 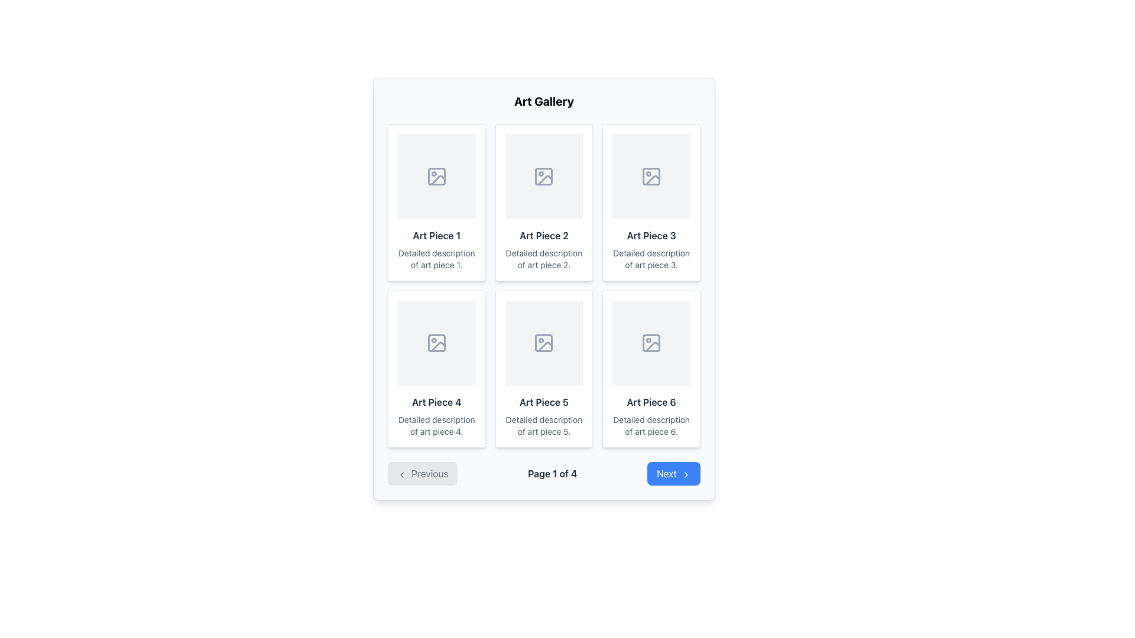 I want to click on the icon resembling an image placeholder, which is styled in gray tones and positioned in the middle row and second column of the grid layout, representing 'Art Piece 5', so click(x=543, y=343).